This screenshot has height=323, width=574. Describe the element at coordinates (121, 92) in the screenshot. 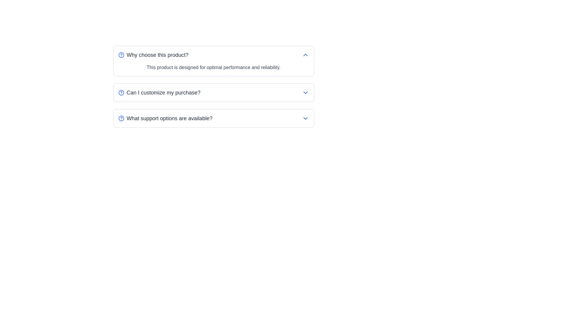

I see `the informational or help icon located to the left of the text 'Can I customize my purchase?'` at that location.